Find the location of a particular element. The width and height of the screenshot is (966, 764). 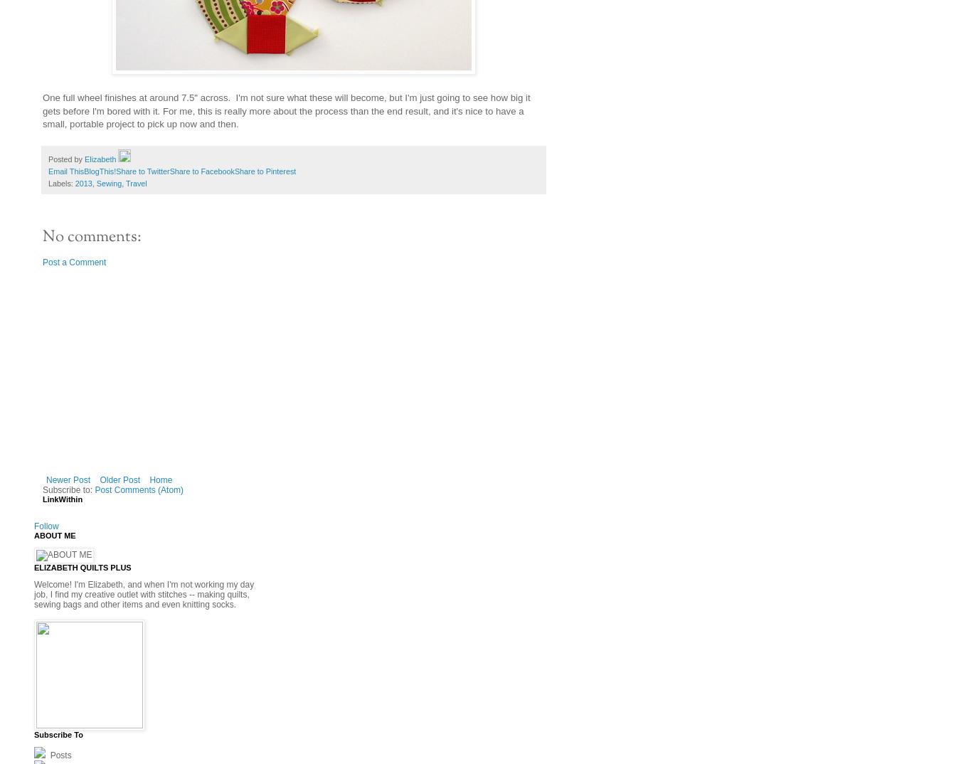

'Travel' is located at coordinates (136, 182).